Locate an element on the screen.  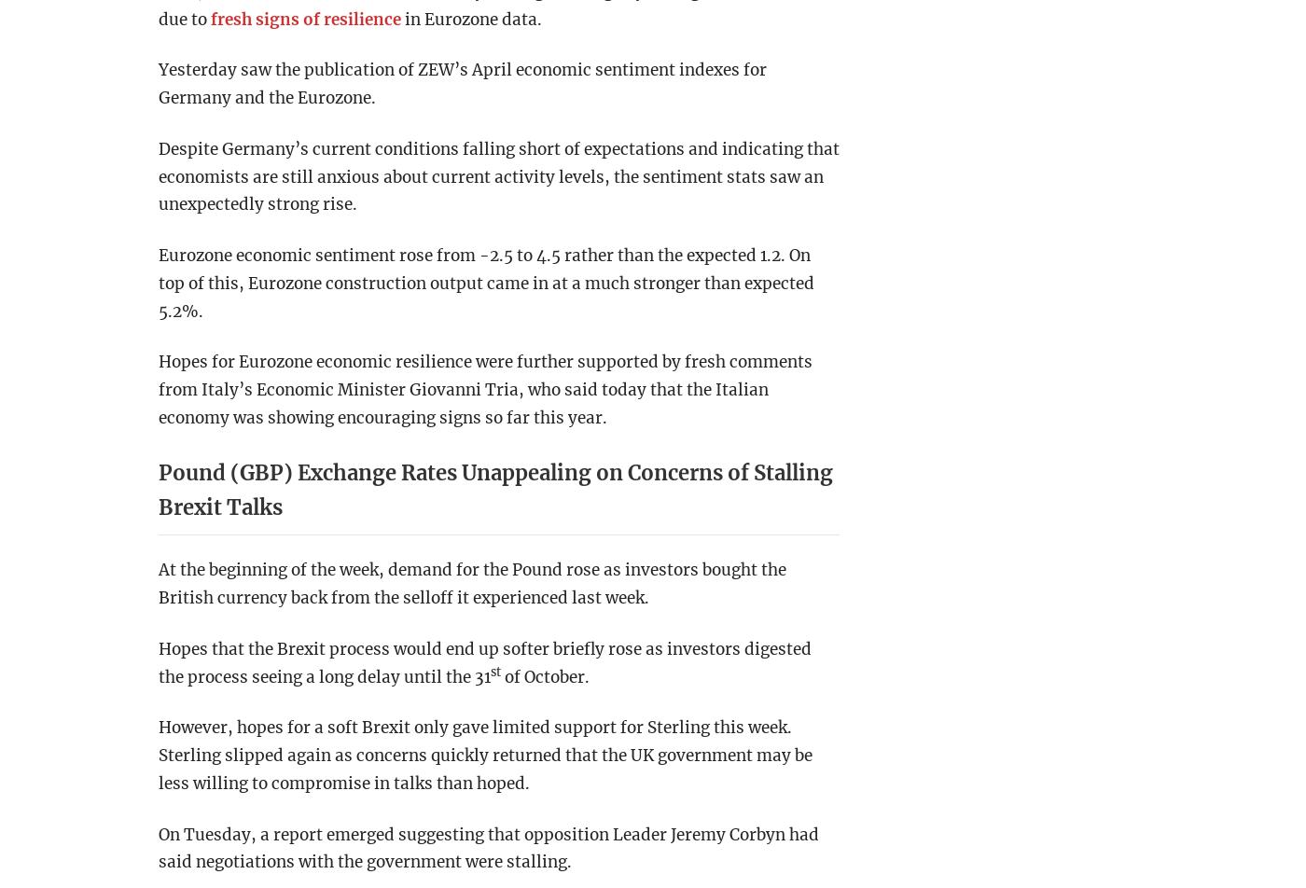
'st' is located at coordinates (495, 671).